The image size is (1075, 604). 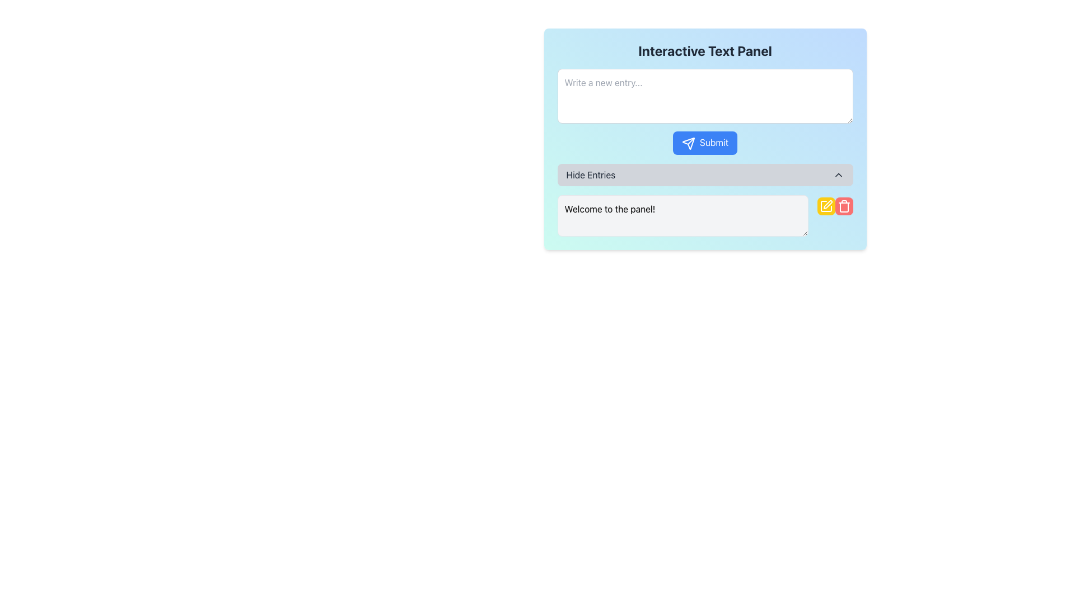 I want to click on the rounded rectangular 'Submit' button with a blue background and a white paper airplane icon, so click(x=704, y=142).